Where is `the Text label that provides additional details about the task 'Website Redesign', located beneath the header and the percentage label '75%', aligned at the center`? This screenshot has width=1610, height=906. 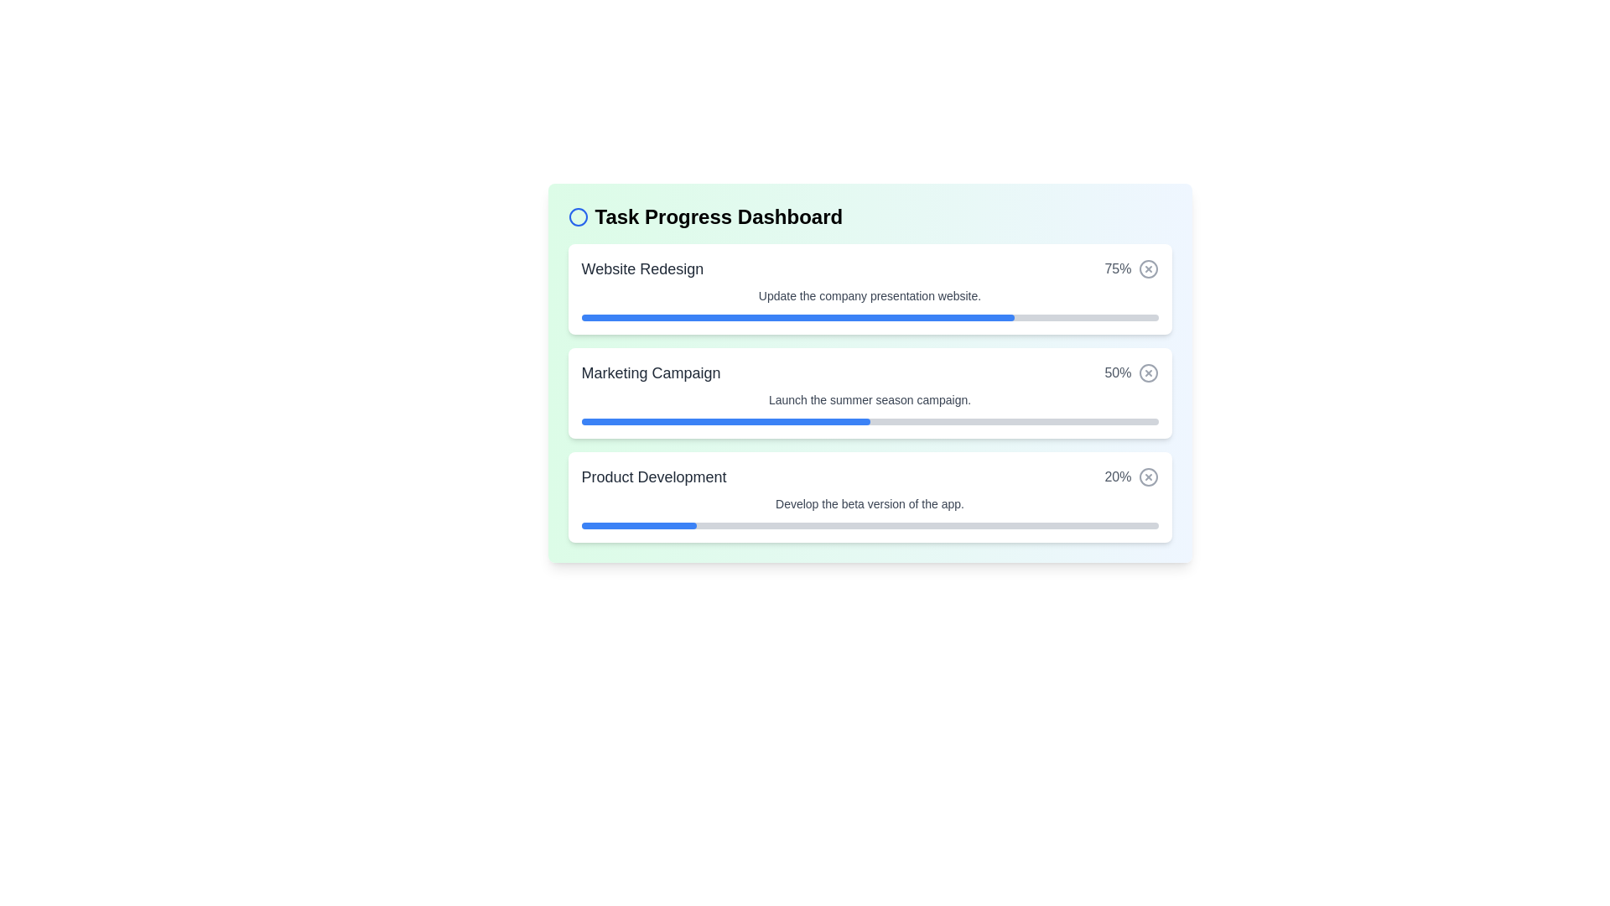 the Text label that provides additional details about the task 'Website Redesign', located beneath the header and the percentage label '75%', aligned at the center is located at coordinates (870, 295).